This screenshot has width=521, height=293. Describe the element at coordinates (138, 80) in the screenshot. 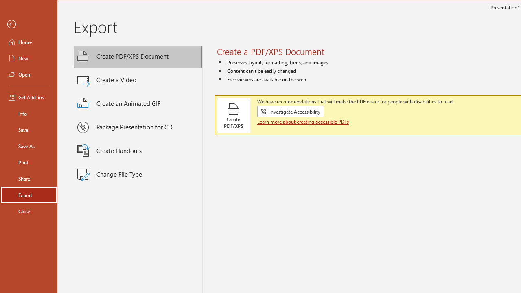

I see `'Create a Video'` at that location.